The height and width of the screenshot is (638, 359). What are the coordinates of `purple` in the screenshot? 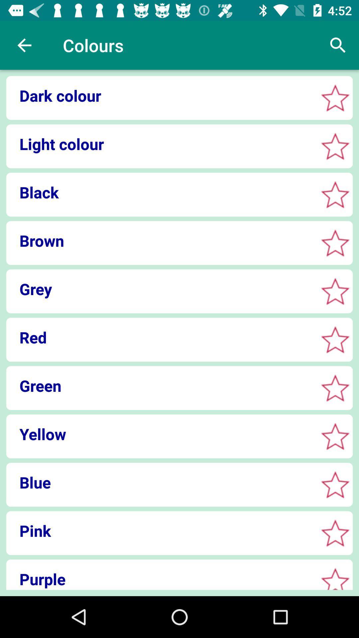 It's located at (160, 579).